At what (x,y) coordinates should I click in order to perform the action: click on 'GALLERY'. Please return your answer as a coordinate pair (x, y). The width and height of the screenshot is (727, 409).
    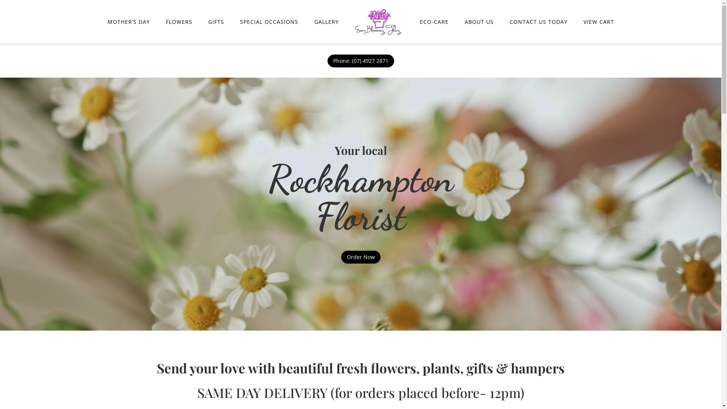
    Looking at the image, I should click on (326, 21).